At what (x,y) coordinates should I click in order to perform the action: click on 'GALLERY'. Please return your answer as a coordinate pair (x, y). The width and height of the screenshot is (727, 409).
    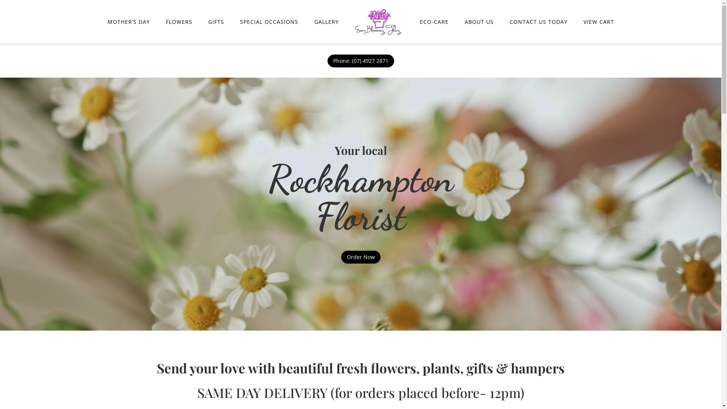
    Looking at the image, I should click on (326, 21).